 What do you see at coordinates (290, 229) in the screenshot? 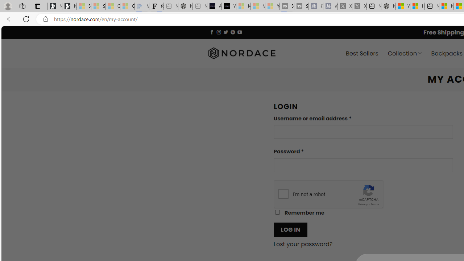
I see `'LOG IN'` at bounding box center [290, 229].